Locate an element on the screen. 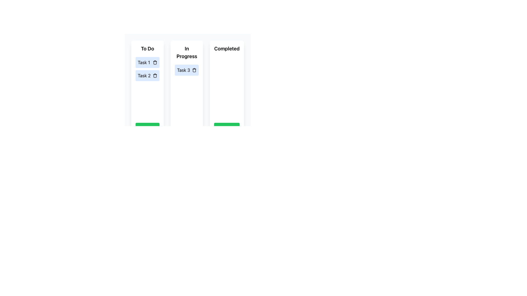 This screenshot has width=527, height=296. the delete icon (trashcan) located at the right end of the 'Task 2' entry row in the 'To Do' column is located at coordinates (155, 76).